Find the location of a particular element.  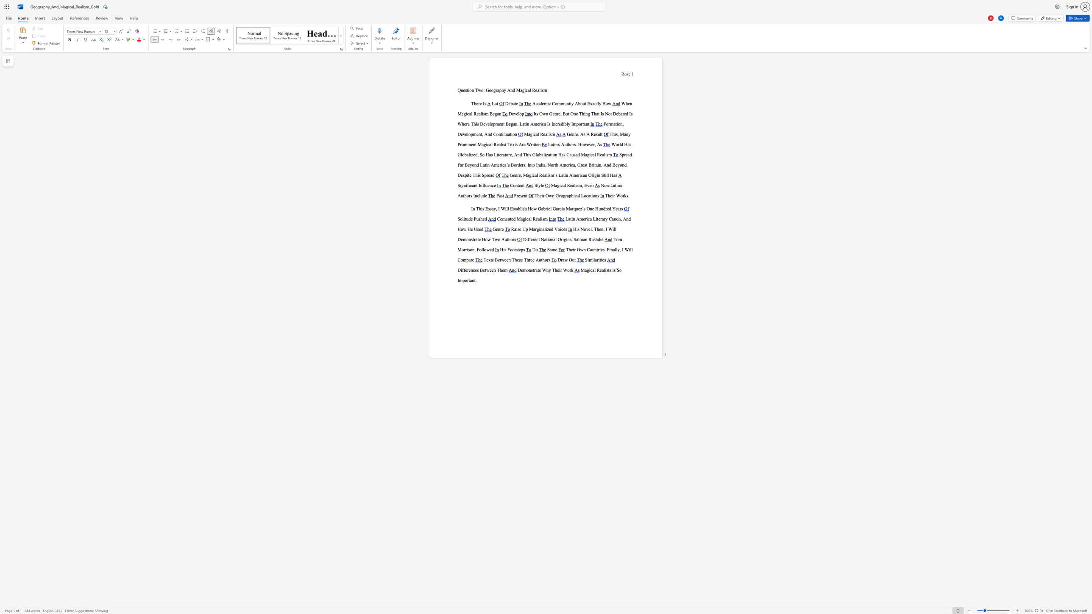

the subset text "ent Ma" within the text "This, Many Prominent Magical Realist Texts Are Written" is located at coordinates (471, 144).